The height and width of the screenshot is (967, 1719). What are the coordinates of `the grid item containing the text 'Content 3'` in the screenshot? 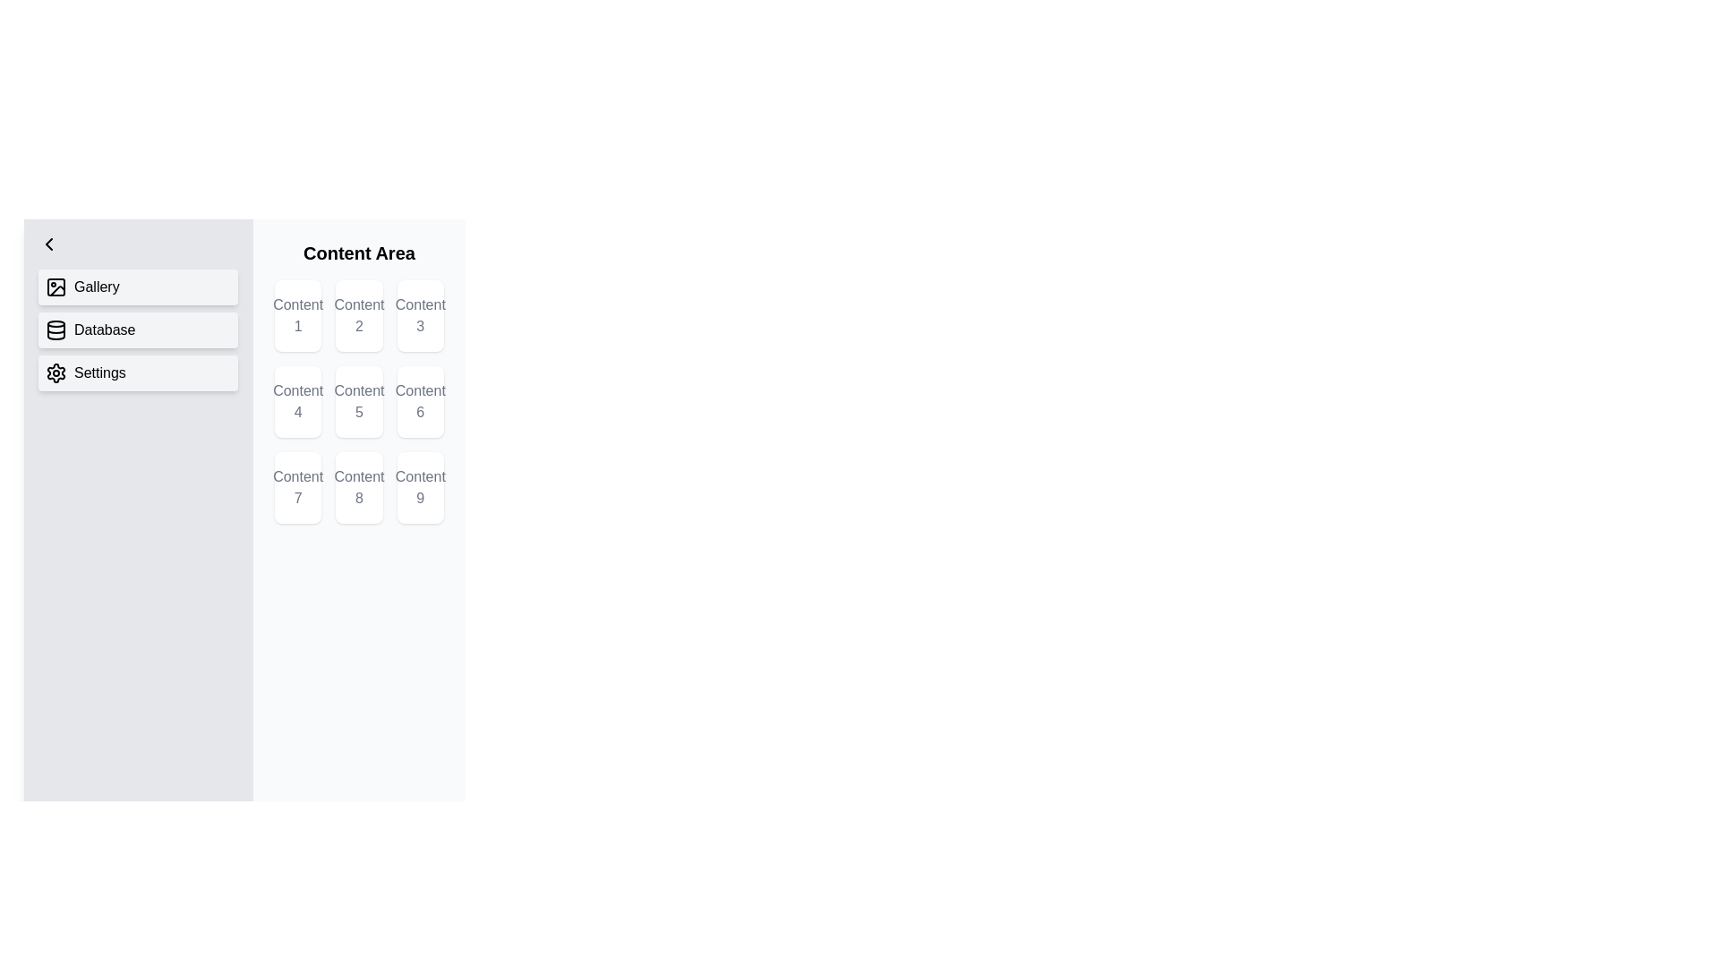 It's located at (419, 315).